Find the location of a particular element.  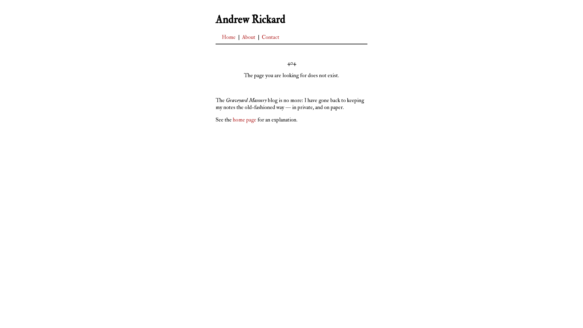

'Home' is located at coordinates (228, 37).